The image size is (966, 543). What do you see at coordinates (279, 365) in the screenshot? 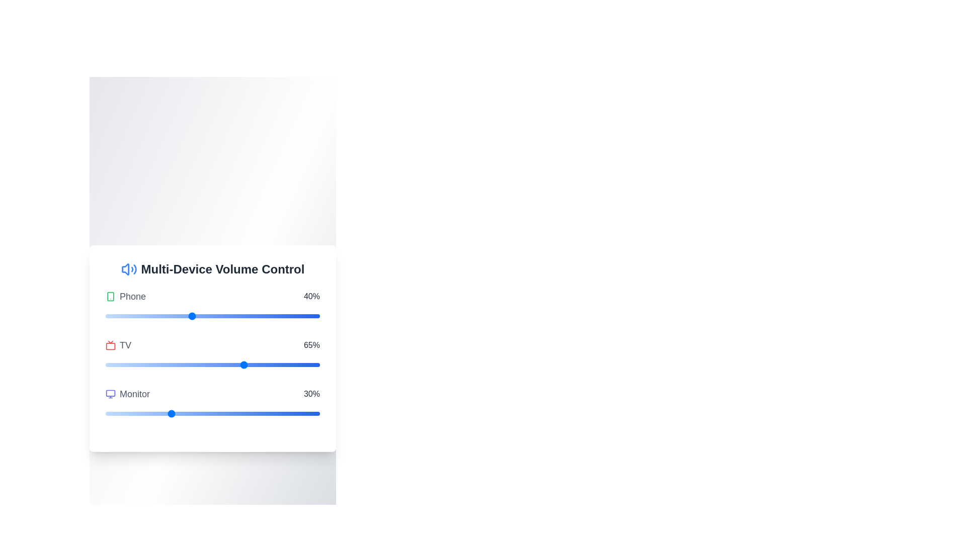
I see `TV volume` at bounding box center [279, 365].